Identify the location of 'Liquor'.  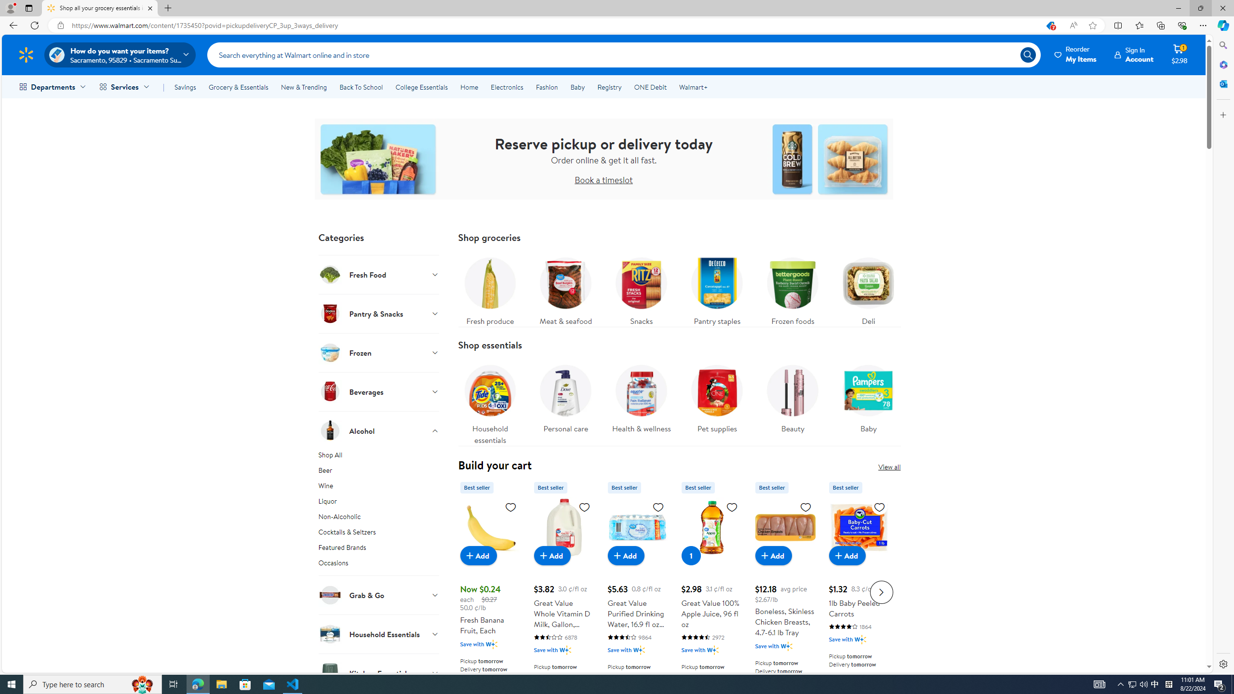
(378, 503).